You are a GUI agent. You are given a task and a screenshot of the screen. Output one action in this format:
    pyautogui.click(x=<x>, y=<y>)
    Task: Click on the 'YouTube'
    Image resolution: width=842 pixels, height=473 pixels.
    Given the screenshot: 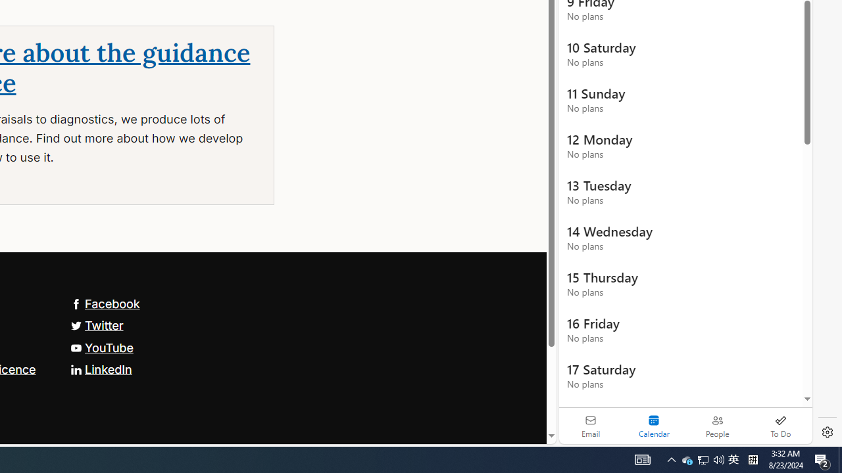 What is the action you would take?
    pyautogui.click(x=101, y=346)
    